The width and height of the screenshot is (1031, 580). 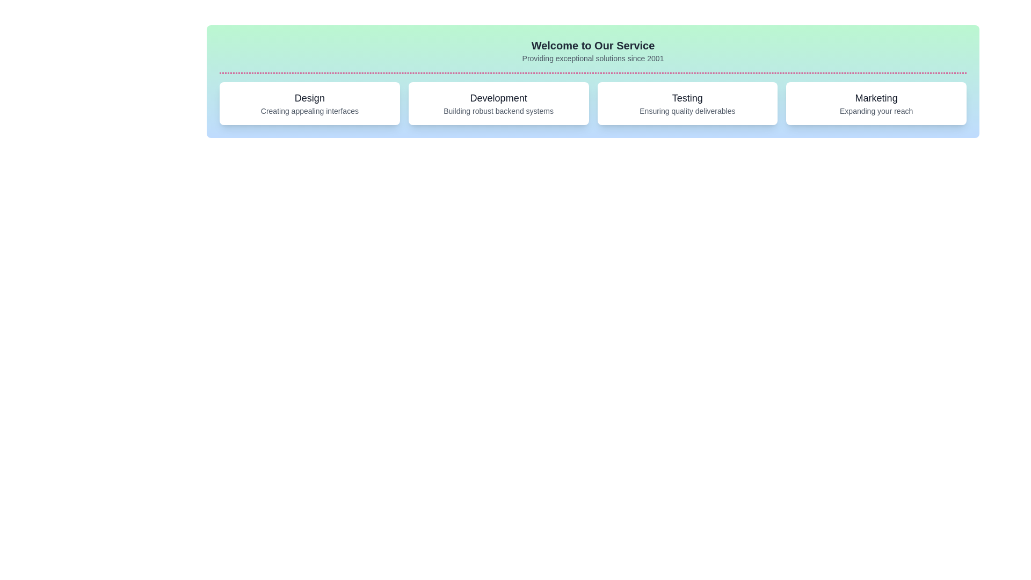 I want to click on the decorative horizontal line, which is a thin, dashed pink border located underneath the introductory heading section, so click(x=592, y=73).